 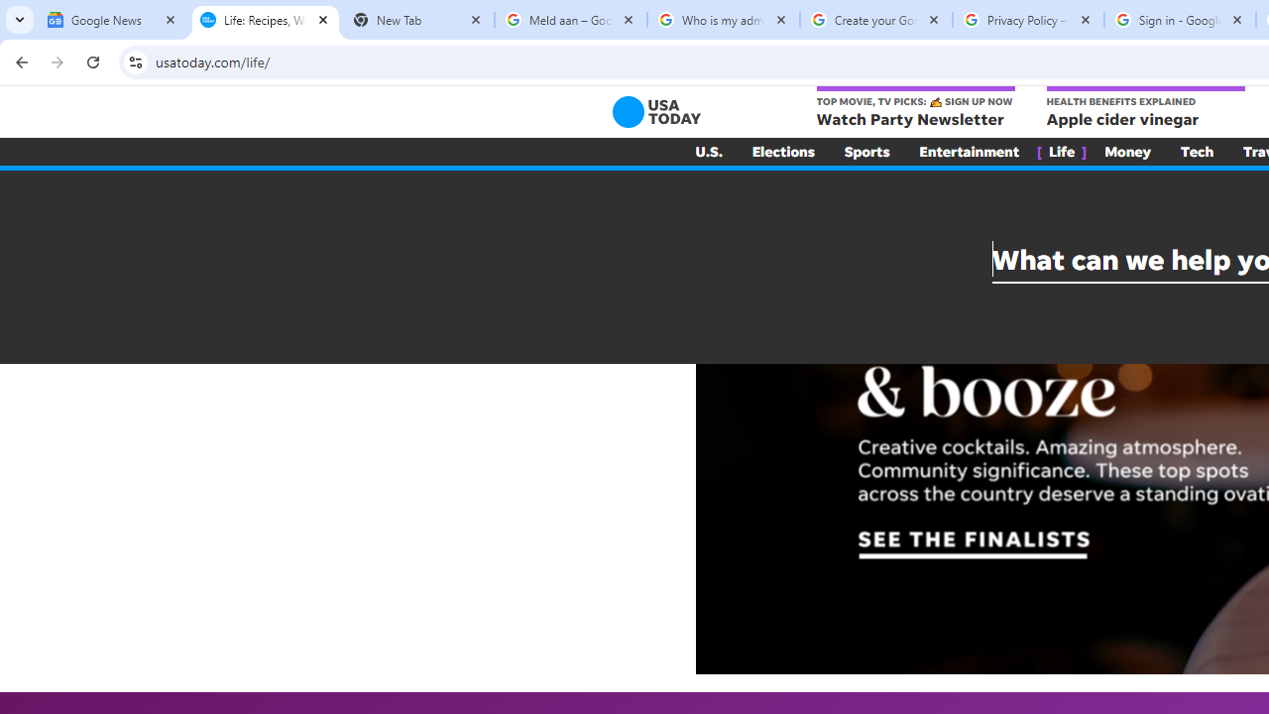 I want to click on 'USA TODAY', so click(x=655, y=112).